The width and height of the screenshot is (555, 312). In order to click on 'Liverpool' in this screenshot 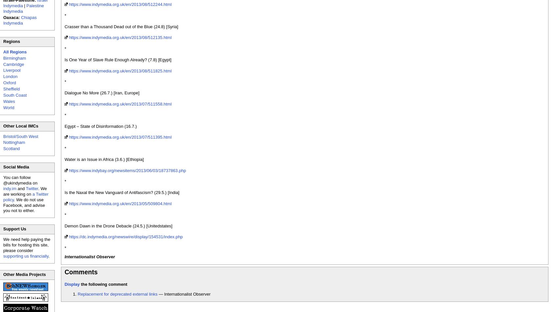, I will do `click(11, 70)`.